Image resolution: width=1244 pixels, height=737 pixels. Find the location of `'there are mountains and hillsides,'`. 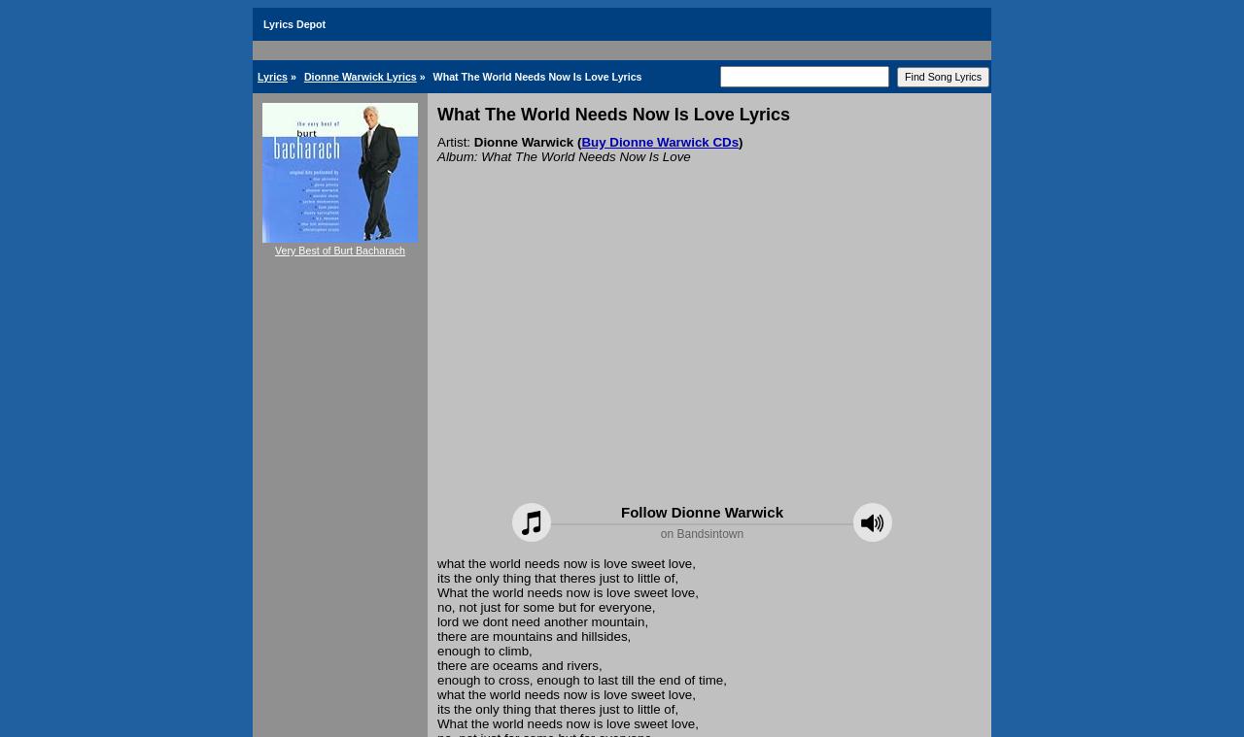

'there are mountains and hillsides,' is located at coordinates (534, 636).